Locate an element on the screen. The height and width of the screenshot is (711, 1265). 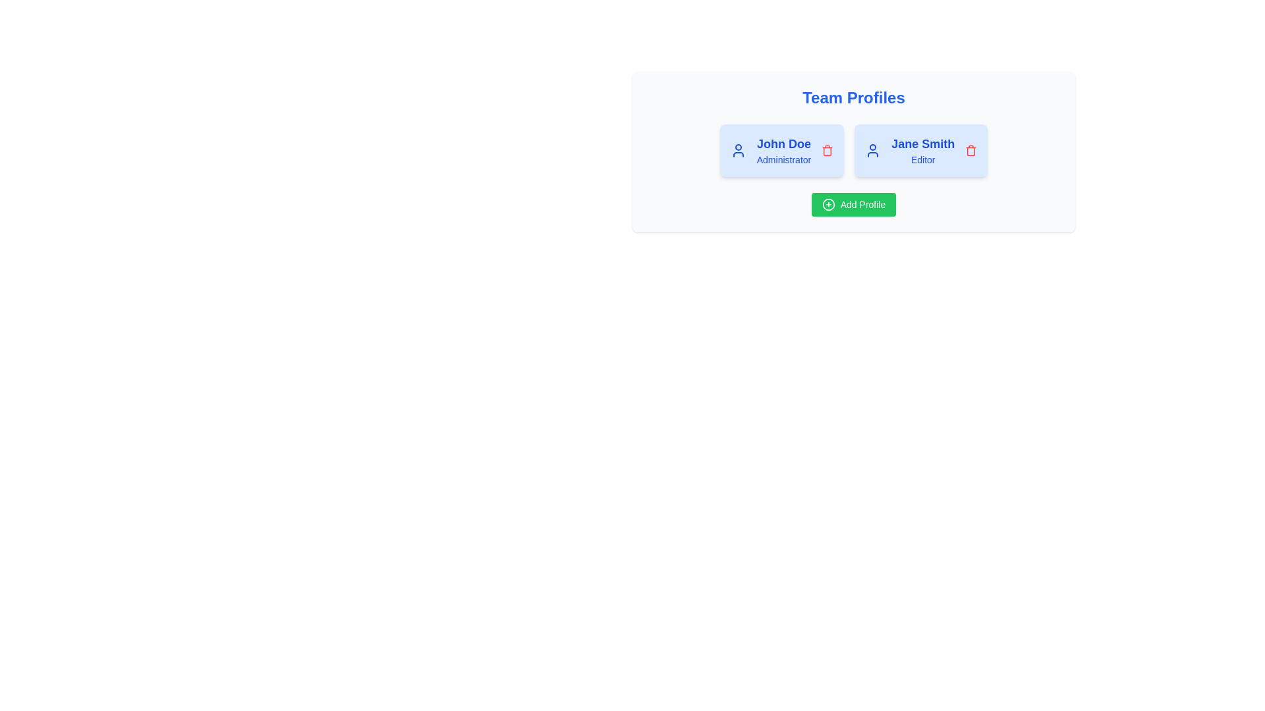
the profile card of Jane Smith is located at coordinates (920, 149).